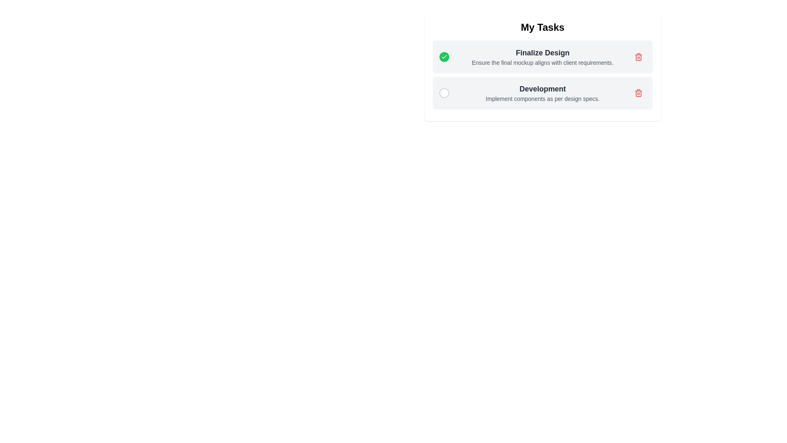 Image resolution: width=787 pixels, height=443 pixels. I want to click on the delete button for the task Finalize Design, so click(638, 56).